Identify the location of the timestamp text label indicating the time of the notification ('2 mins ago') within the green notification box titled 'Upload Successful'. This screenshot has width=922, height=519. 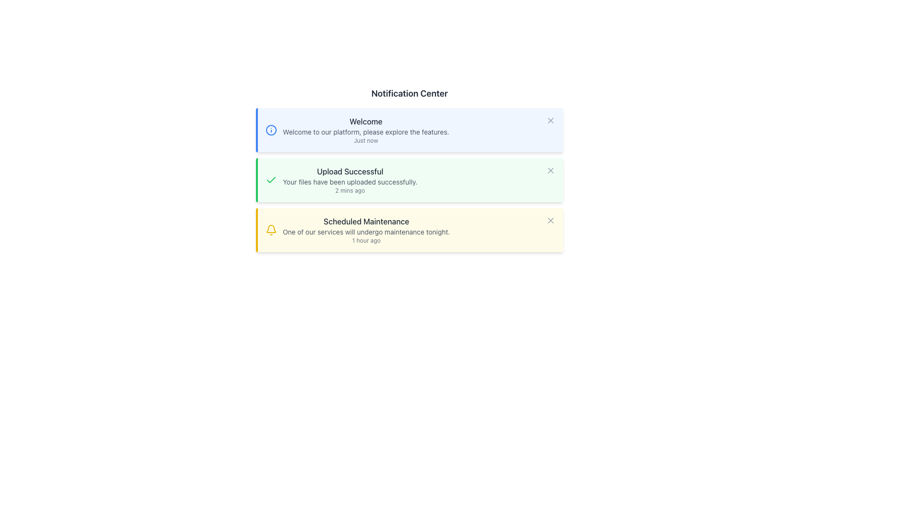
(350, 191).